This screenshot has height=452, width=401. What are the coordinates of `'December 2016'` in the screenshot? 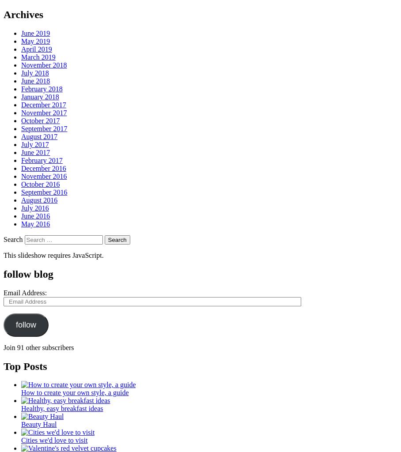 It's located at (43, 168).